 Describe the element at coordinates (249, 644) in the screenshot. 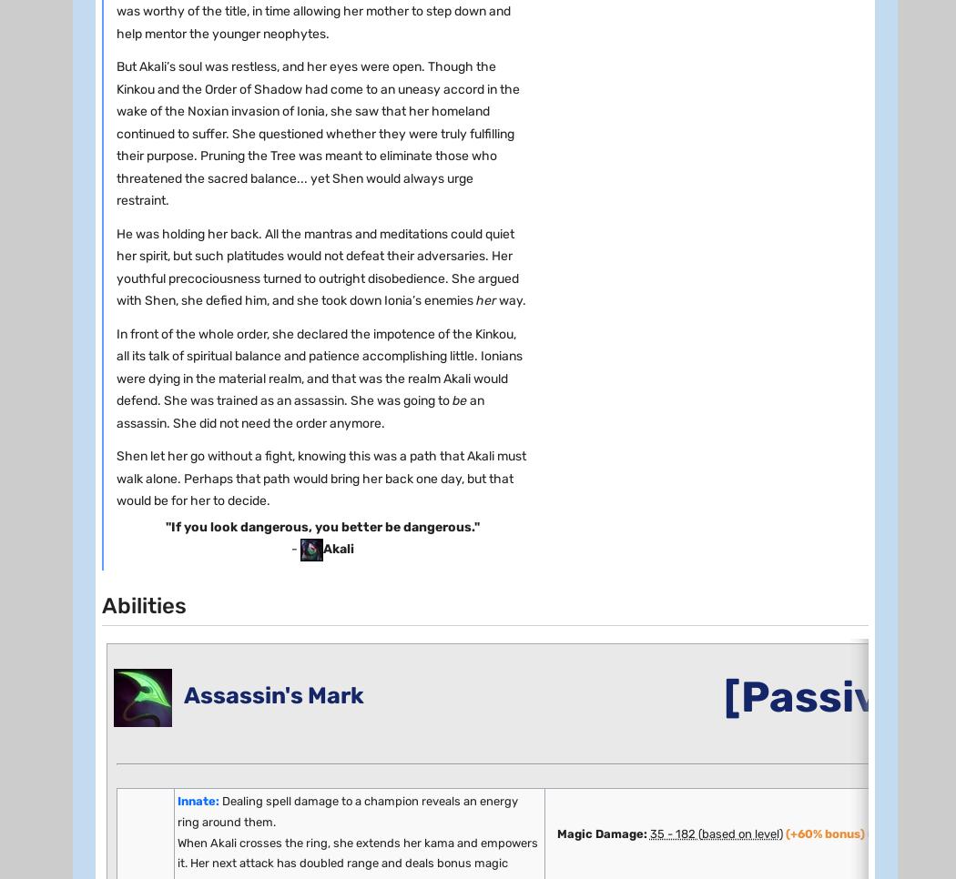

I see `'[100/85/70]'` at that location.